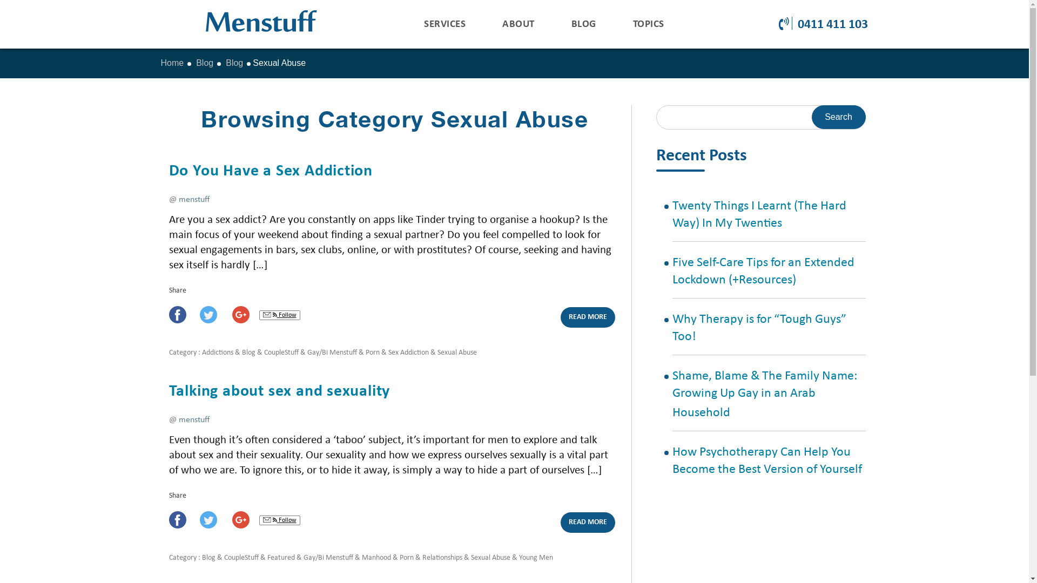 The image size is (1037, 583). What do you see at coordinates (763, 270) in the screenshot?
I see `'Five Self-Care Tips for an Extended Lockdown (+Resources)'` at bounding box center [763, 270].